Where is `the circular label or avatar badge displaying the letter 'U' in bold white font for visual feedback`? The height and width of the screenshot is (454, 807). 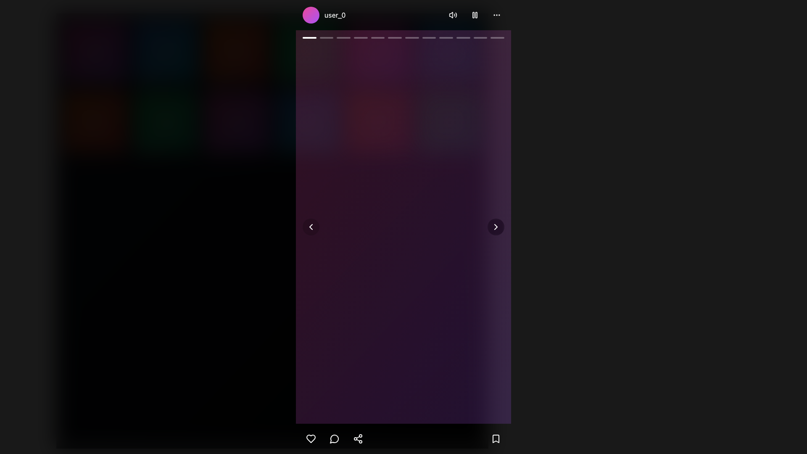 the circular label or avatar badge displaying the letter 'U' in bold white font for visual feedback is located at coordinates (378, 52).